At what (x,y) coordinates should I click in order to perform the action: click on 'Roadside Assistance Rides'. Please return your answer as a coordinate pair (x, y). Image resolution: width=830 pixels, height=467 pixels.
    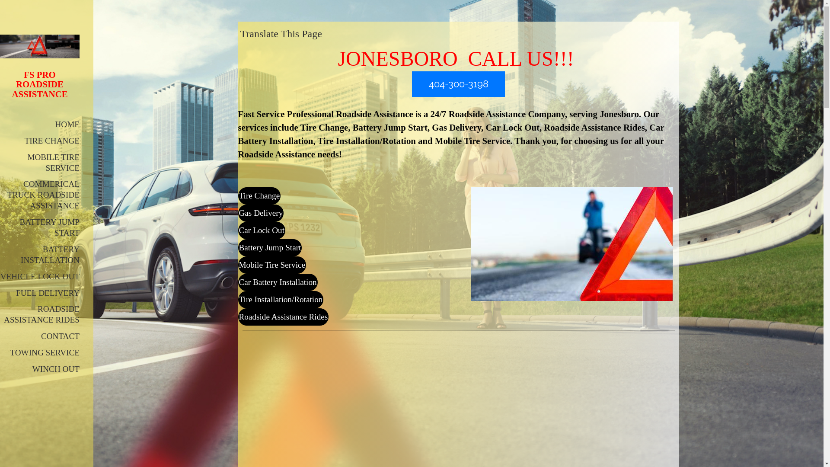
    Looking at the image, I should click on (283, 317).